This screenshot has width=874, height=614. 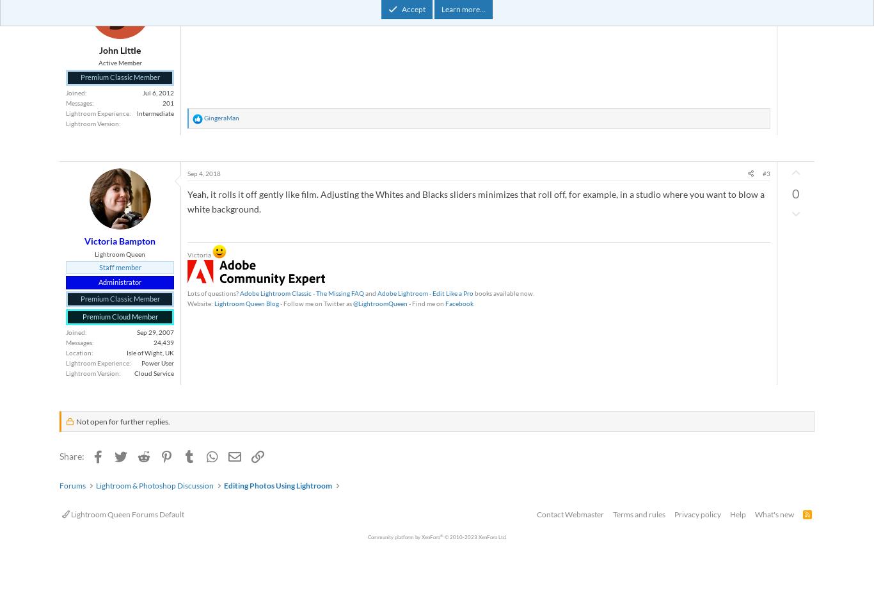 What do you see at coordinates (81, 317) in the screenshot?
I see `'Premium Cloud Member'` at bounding box center [81, 317].